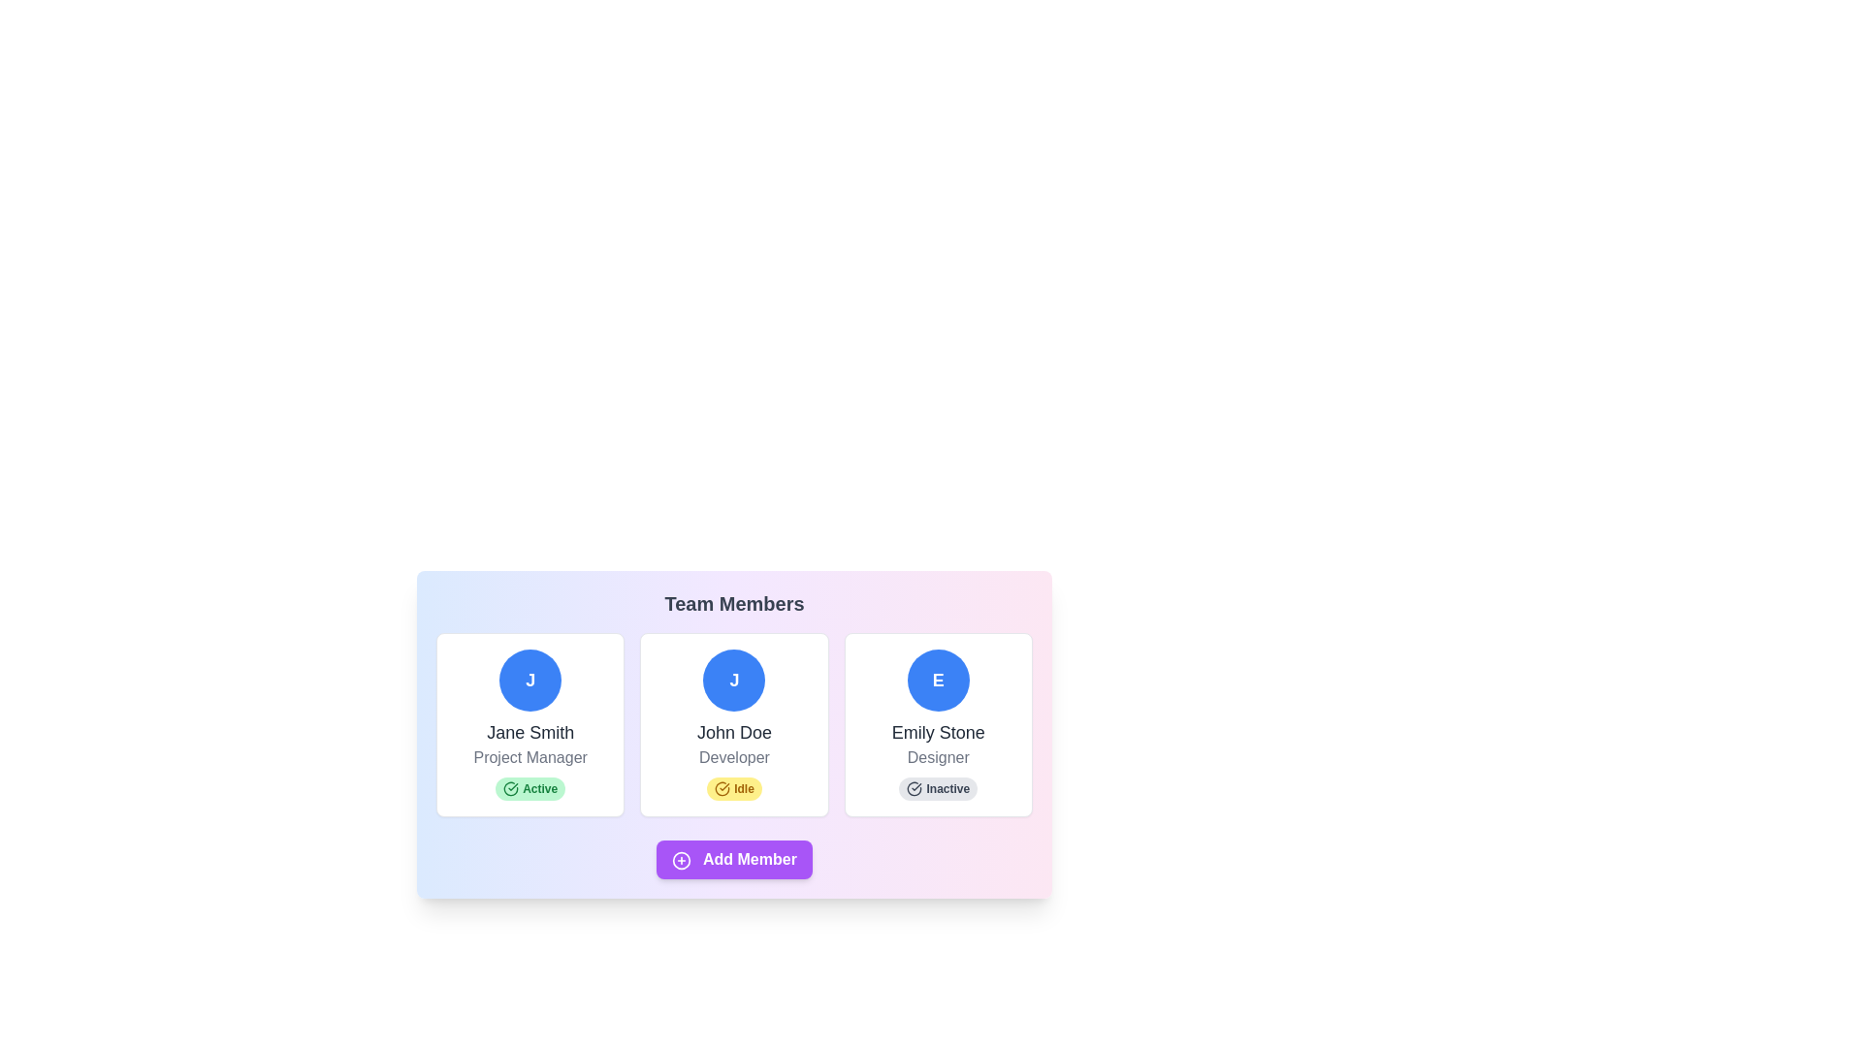 The image size is (1862, 1047). Describe the element at coordinates (722, 788) in the screenshot. I see `the 'Idle' icon located within the second team member card in the 'Team Members' section, which is positioned to the left of the yellow 'Idle' text` at that location.